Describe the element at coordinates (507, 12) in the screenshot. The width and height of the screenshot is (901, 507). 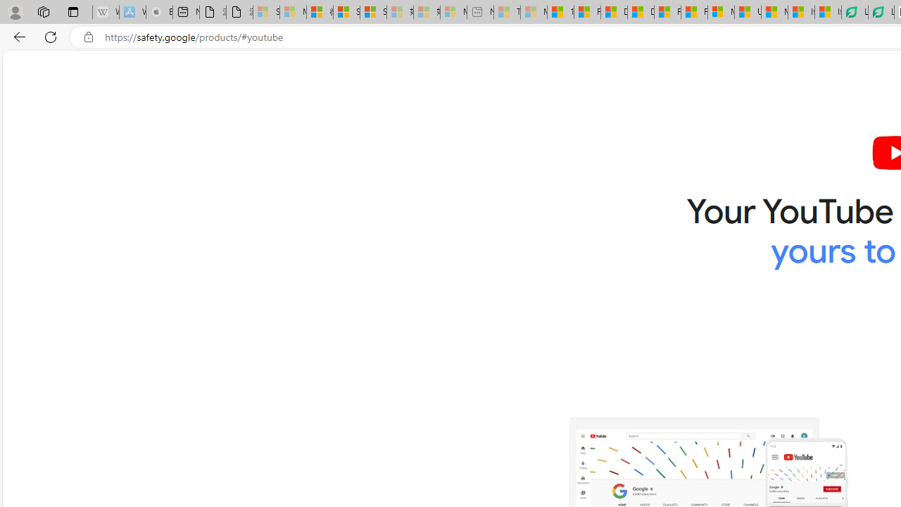
I see `'Top Stories - MSN - Sleeping'` at that location.